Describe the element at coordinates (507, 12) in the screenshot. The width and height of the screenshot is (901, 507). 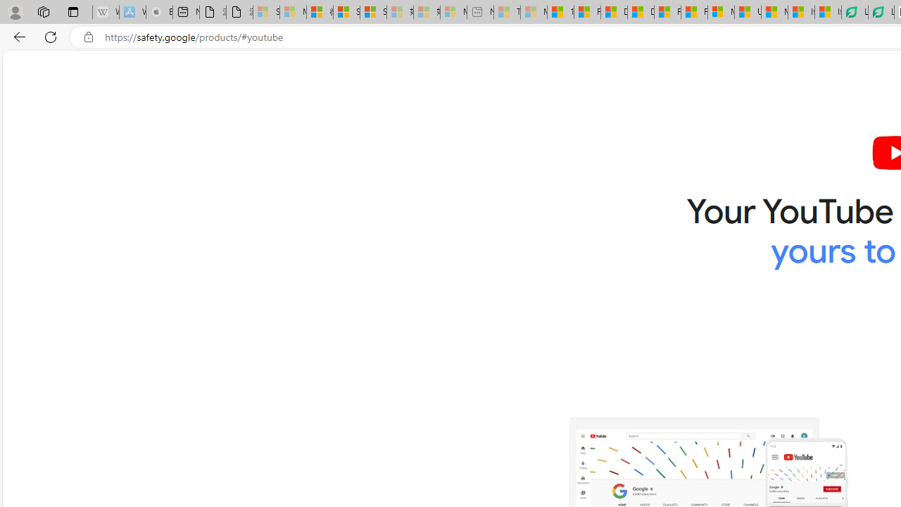
I see `'Top Stories - MSN - Sleeping'` at that location.